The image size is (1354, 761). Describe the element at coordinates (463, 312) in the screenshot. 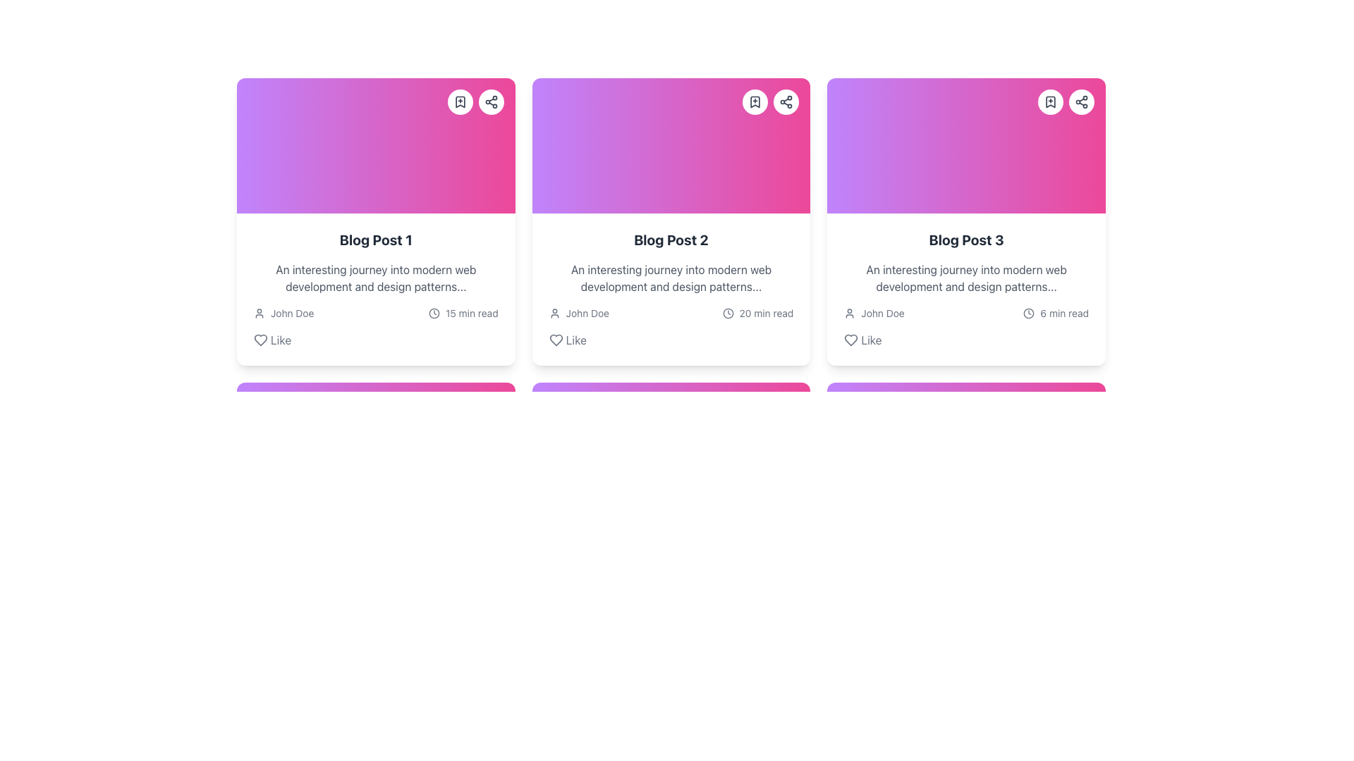

I see `the informational label that estimates the reading duration for the article, located at the bottom-right corner of the first card, below the user information element displaying 'John Doe'` at that location.